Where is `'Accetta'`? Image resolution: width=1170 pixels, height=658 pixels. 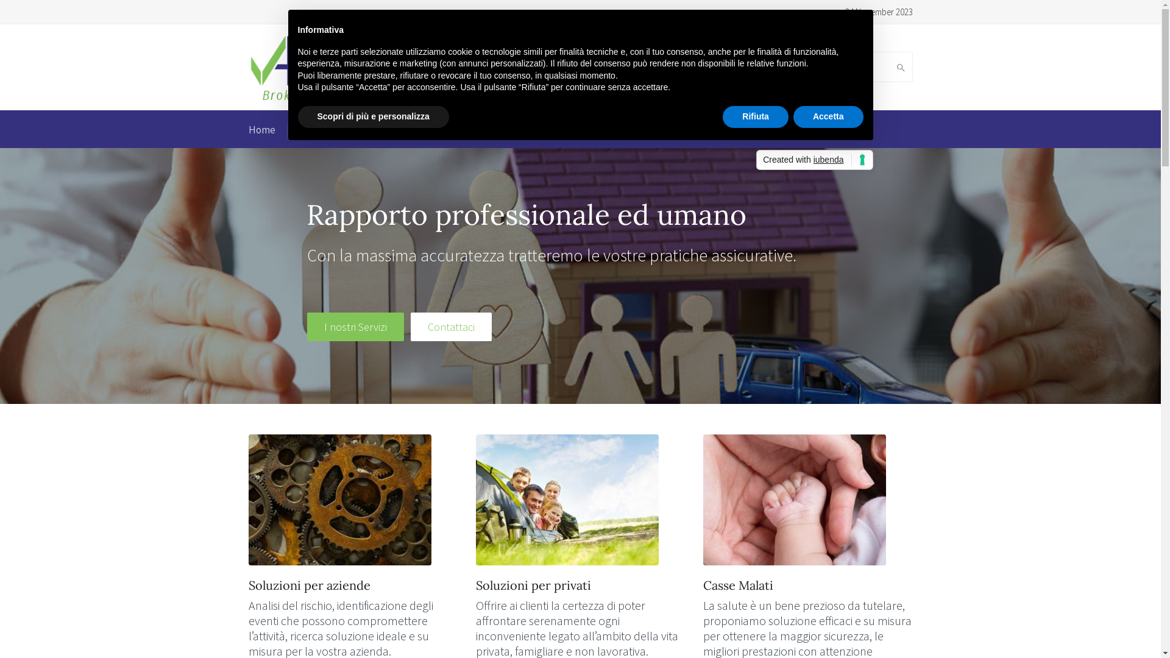 'Accetta' is located at coordinates (828, 117).